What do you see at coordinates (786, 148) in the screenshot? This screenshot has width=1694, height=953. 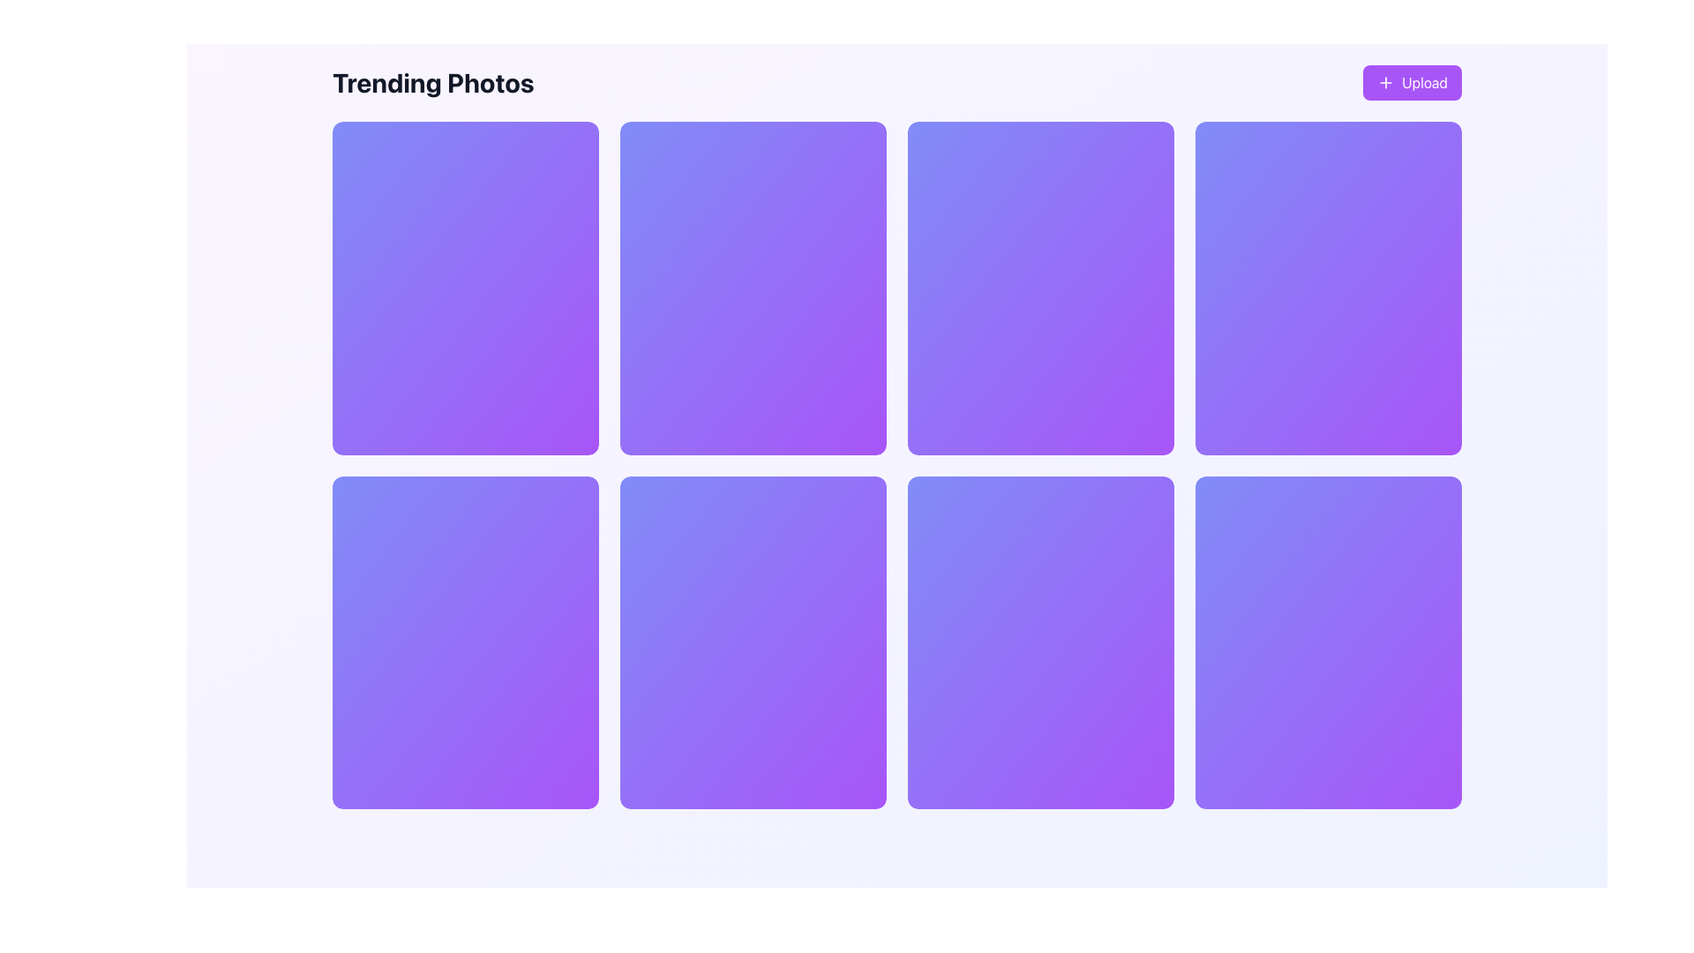 I see `the circular button with a semi-transparent black background and a white heart icon, located at the top-right corner of the interface, to change its background color to red` at bounding box center [786, 148].